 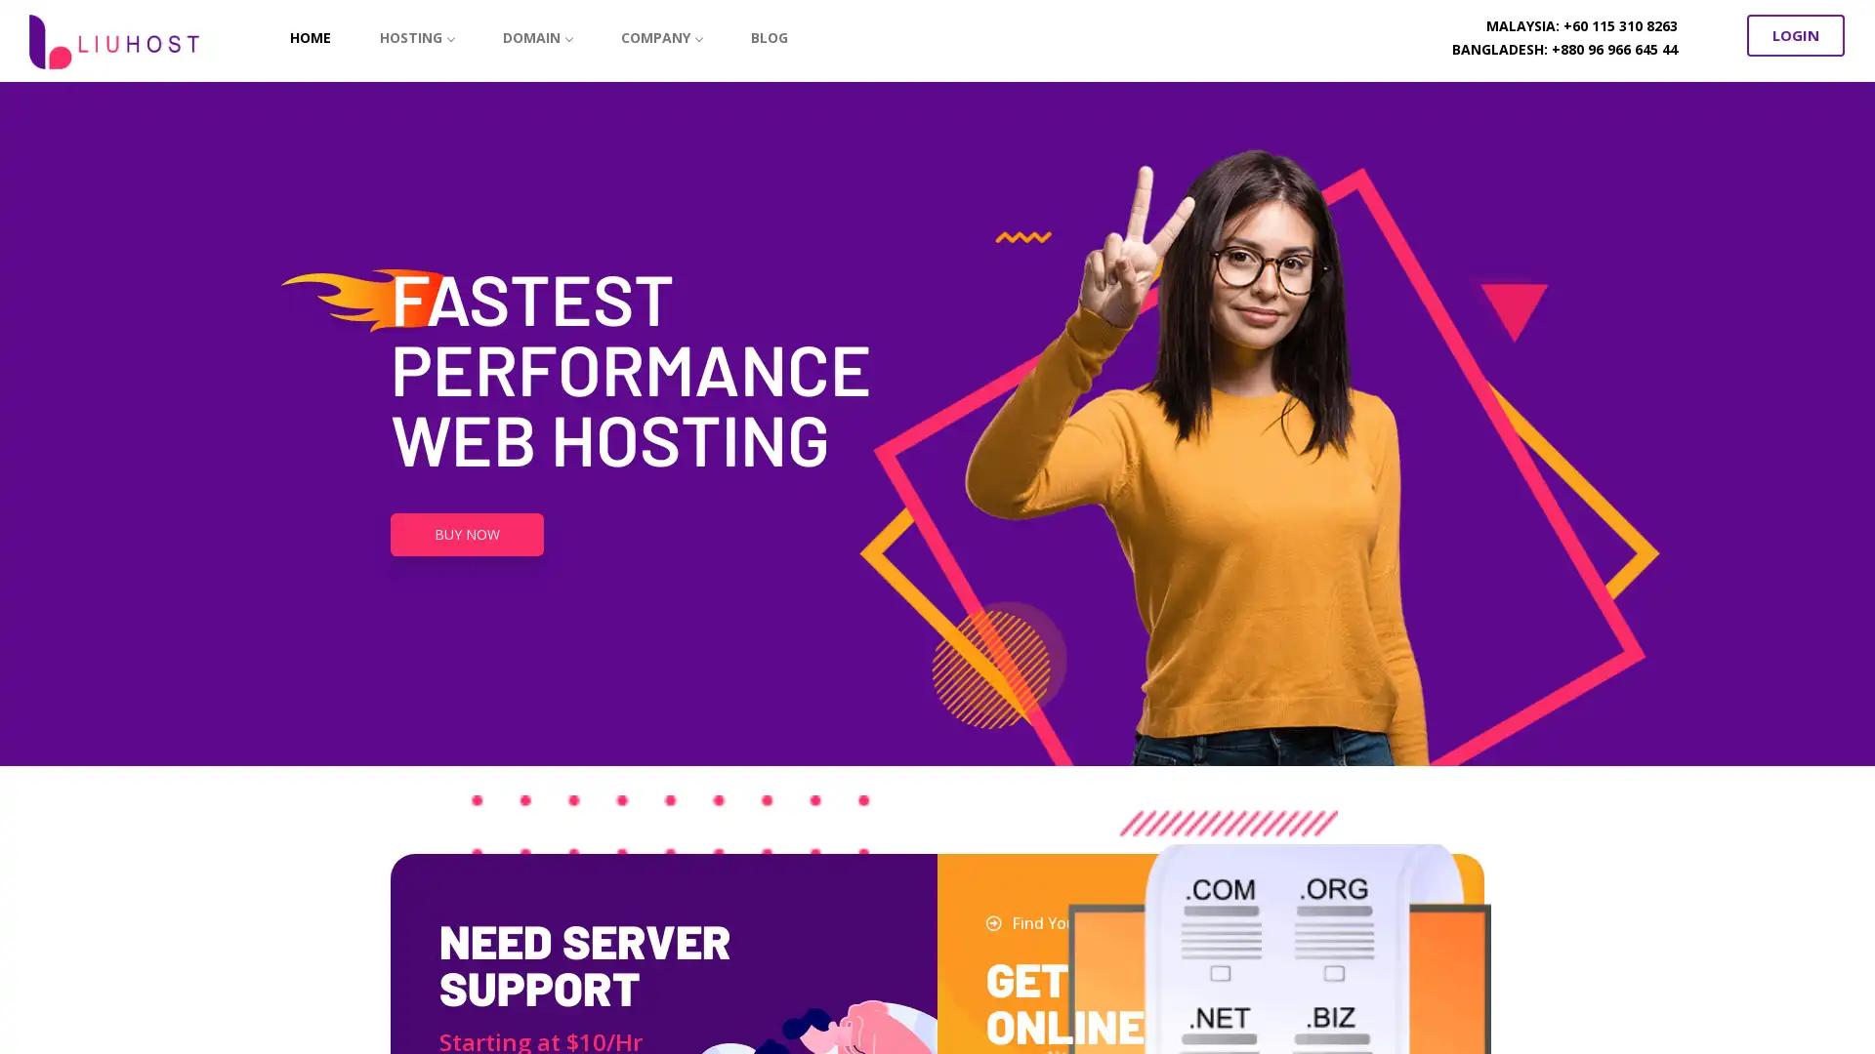 I want to click on BUY NOW, so click(x=466, y=534).